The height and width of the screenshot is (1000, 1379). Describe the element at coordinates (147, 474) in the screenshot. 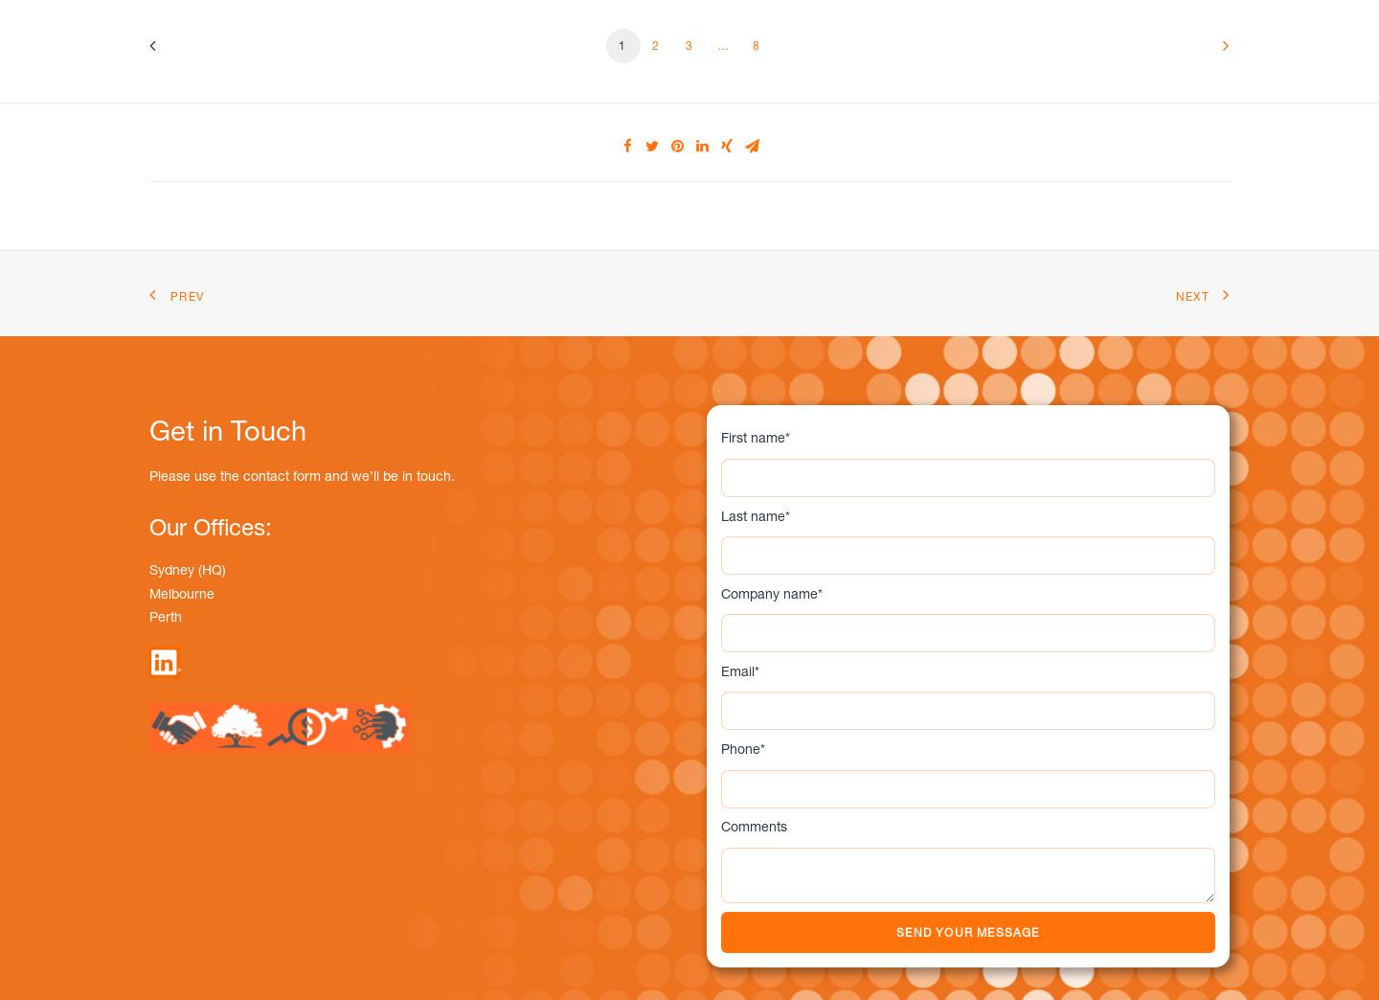

I see `'Please use the contact form and we’ll be in touch.'` at that location.